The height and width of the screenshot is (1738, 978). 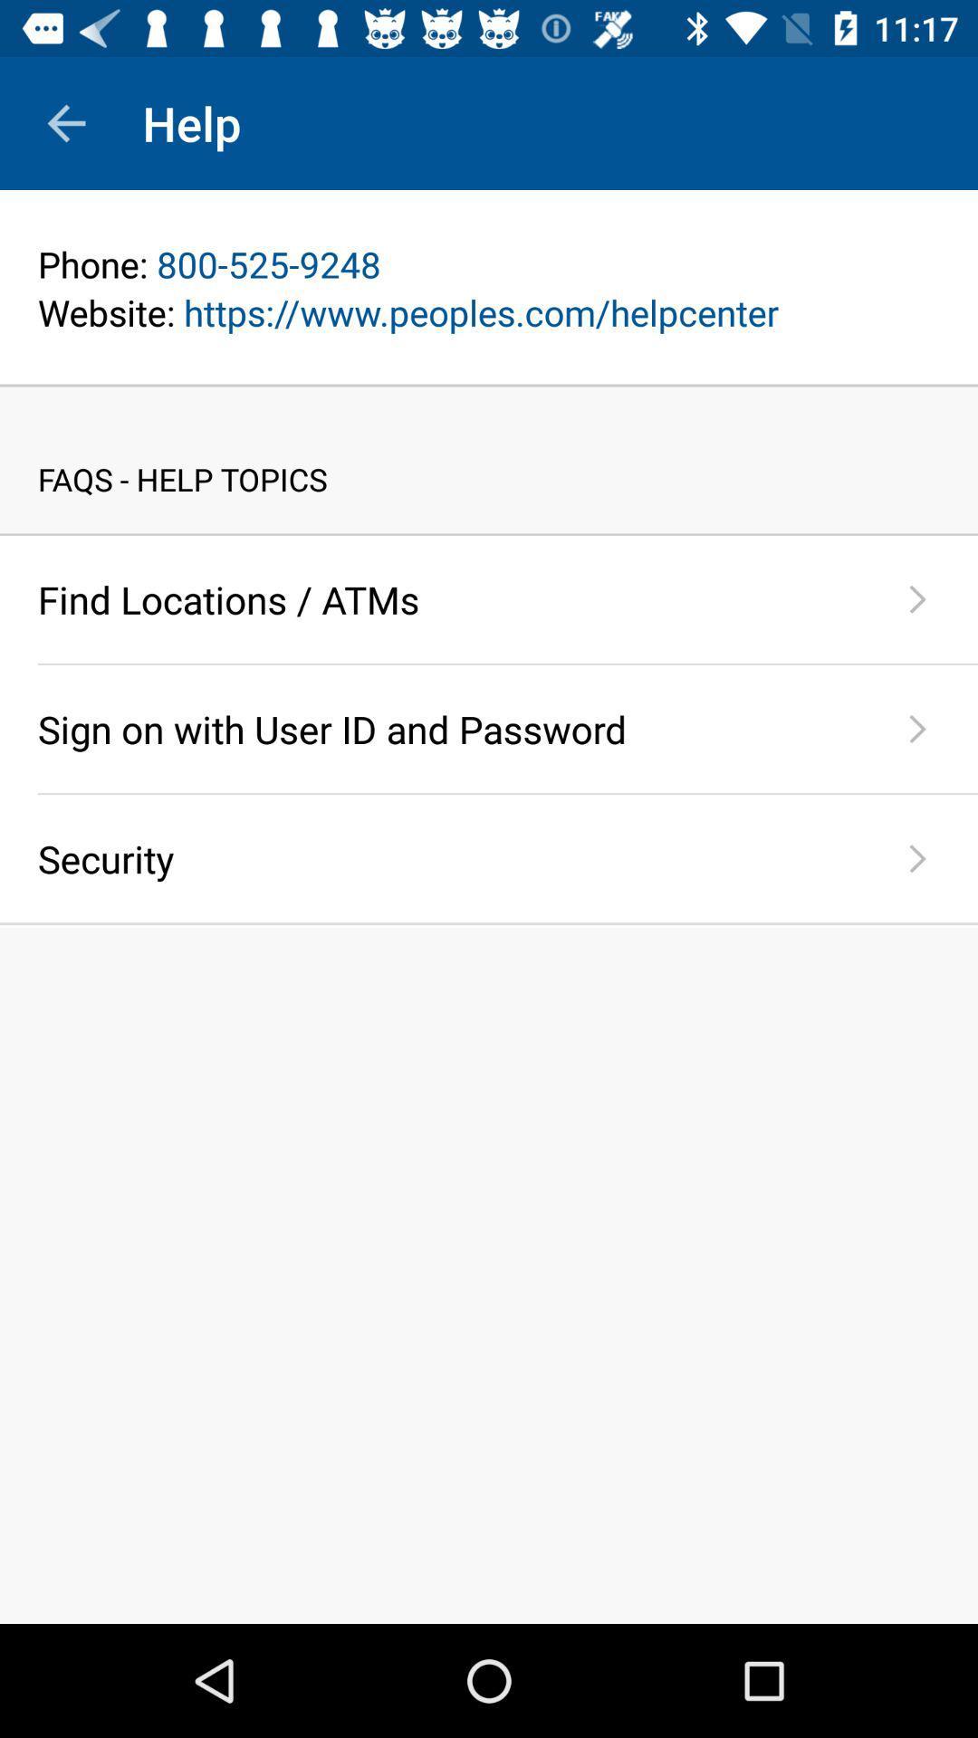 I want to click on the website https www app, so click(x=489, y=312).